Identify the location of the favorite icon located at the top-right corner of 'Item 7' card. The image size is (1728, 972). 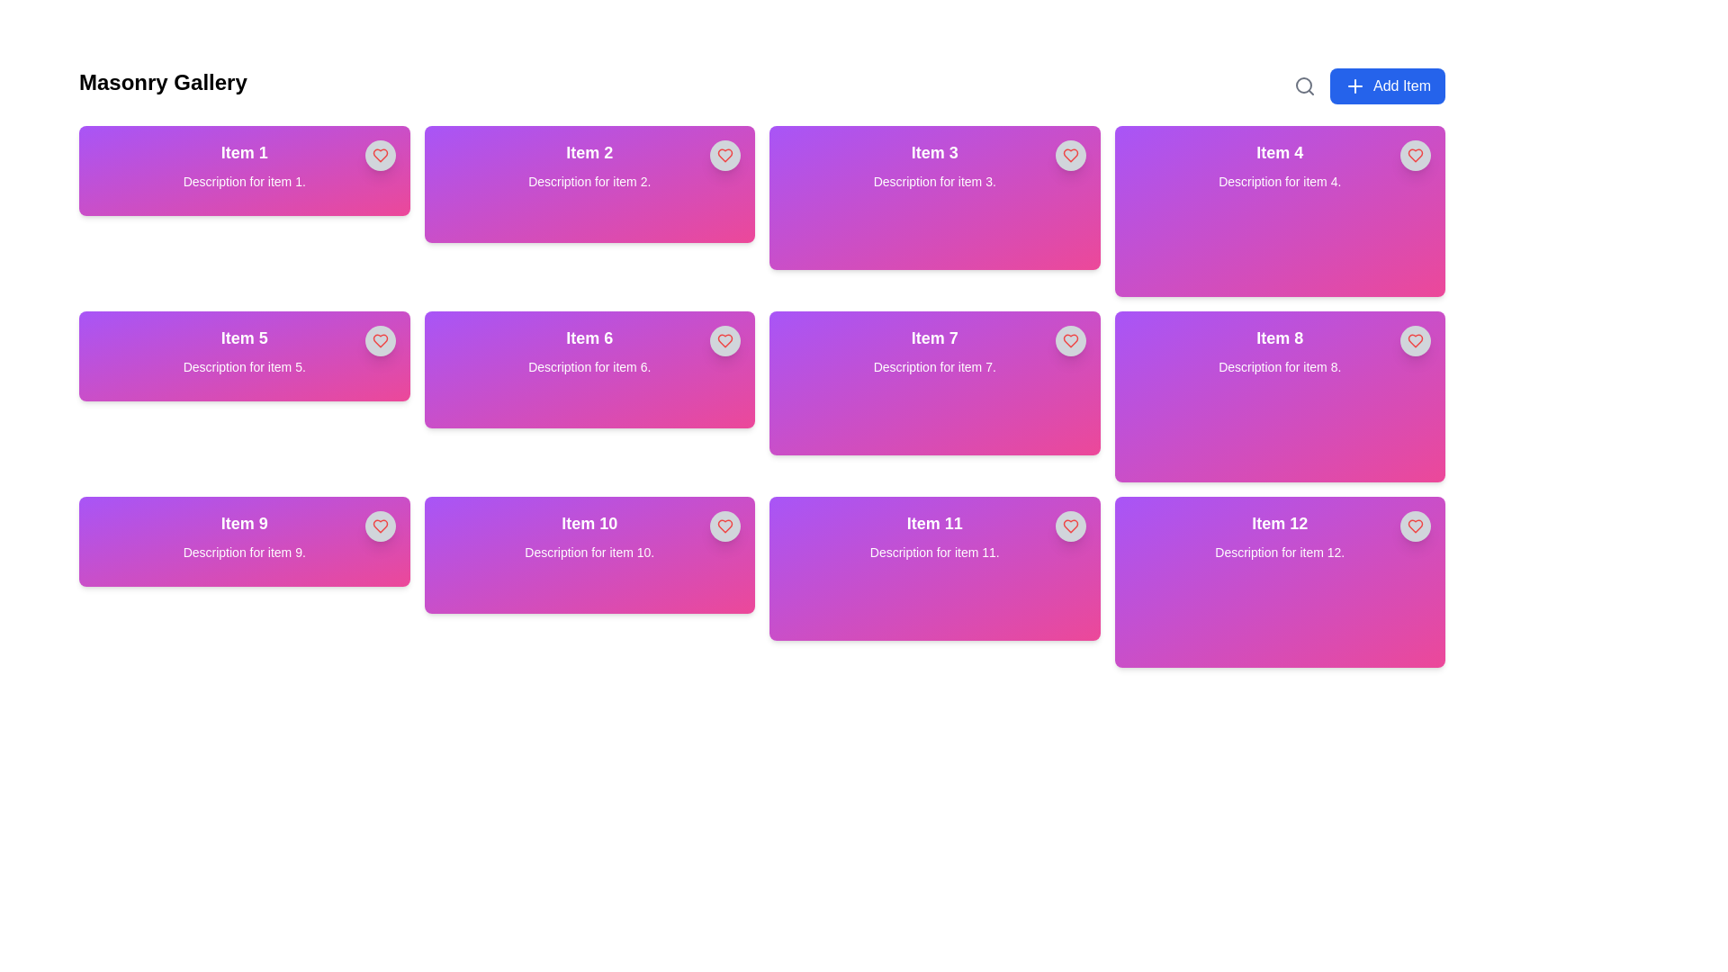
(1070, 340).